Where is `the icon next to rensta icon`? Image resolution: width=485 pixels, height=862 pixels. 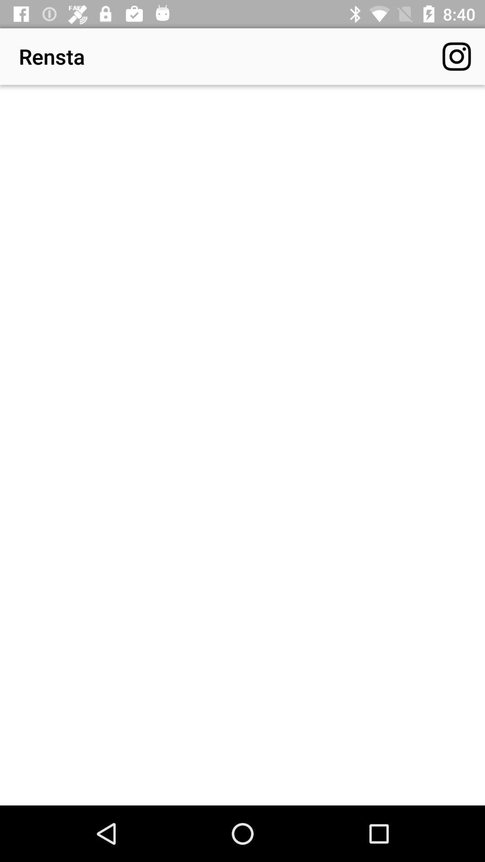 the icon next to rensta icon is located at coordinates (457, 56).